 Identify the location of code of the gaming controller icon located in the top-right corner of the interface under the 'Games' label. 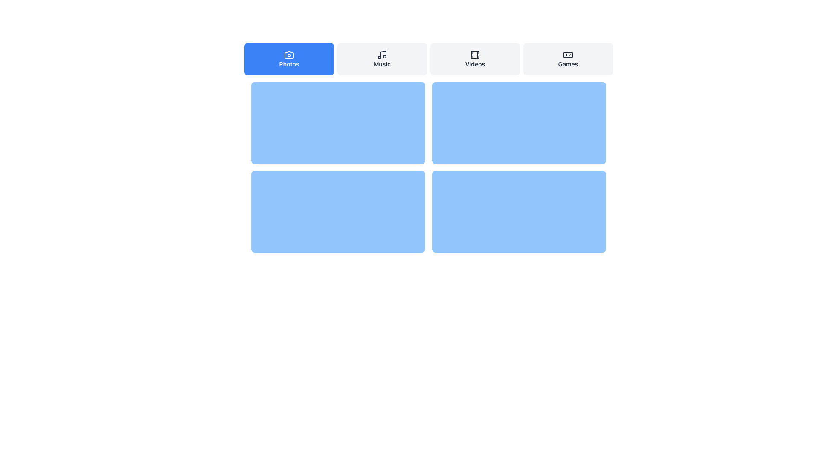
(568, 55).